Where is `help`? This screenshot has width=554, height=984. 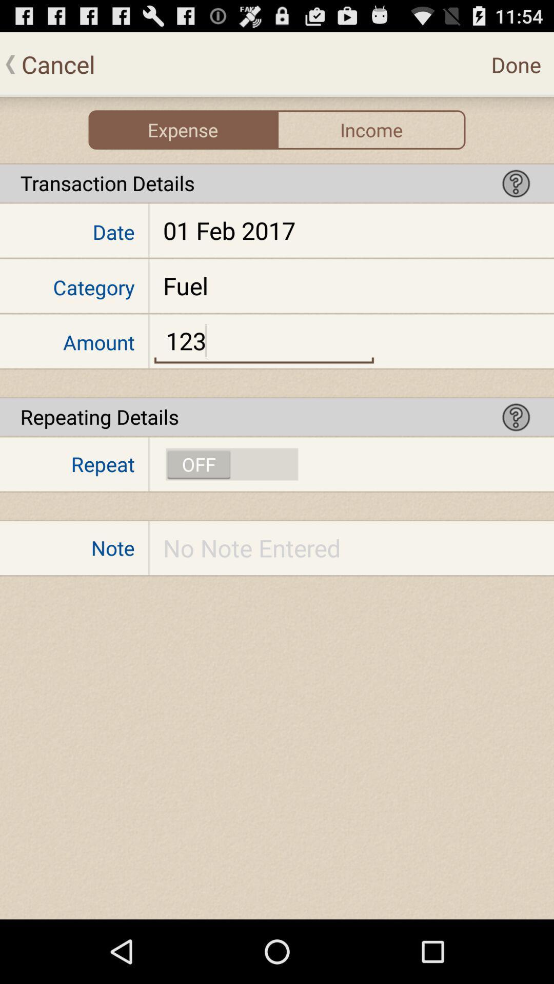 help is located at coordinates (516, 417).